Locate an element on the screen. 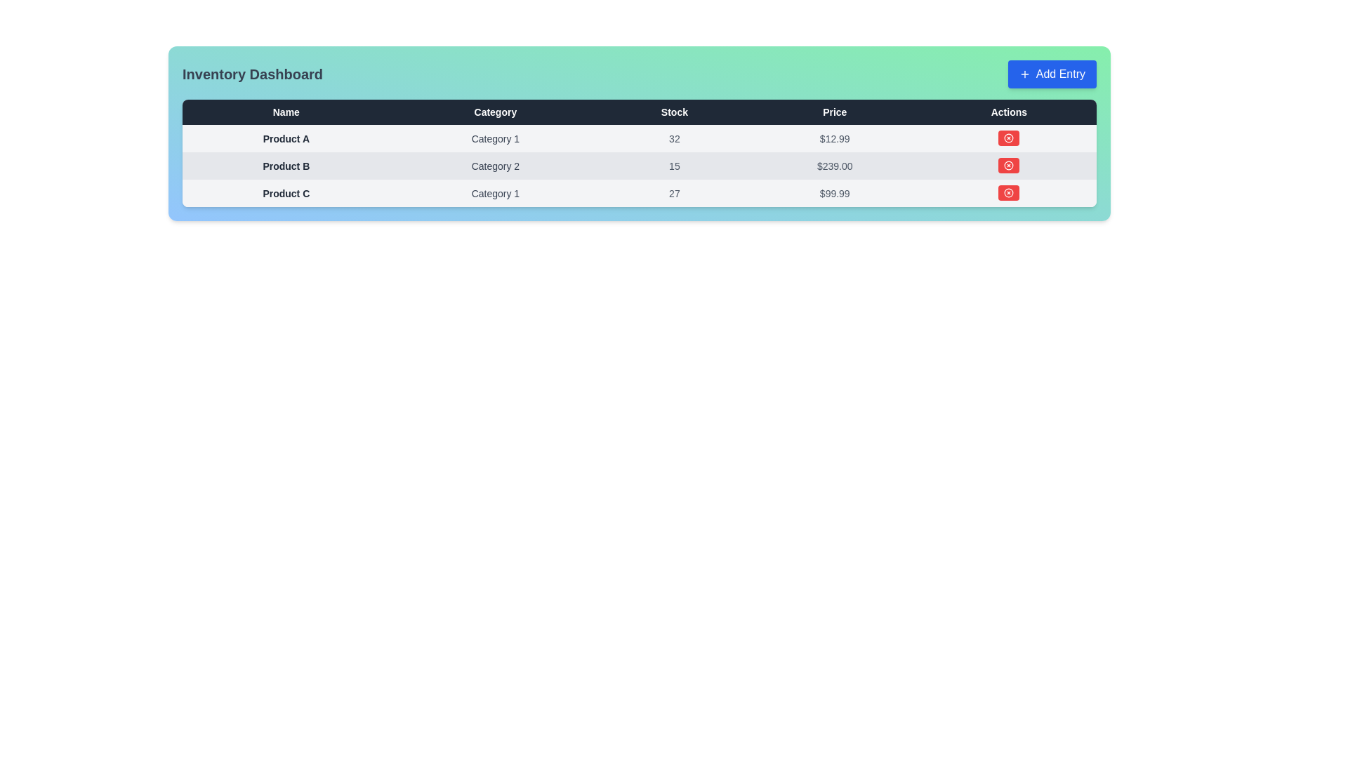 This screenshot has height=758, width=1348. the red rounded rectangle button with a white circular icon in the last row of the table under the 'Actions' column is located at coordinates (1008, 192).